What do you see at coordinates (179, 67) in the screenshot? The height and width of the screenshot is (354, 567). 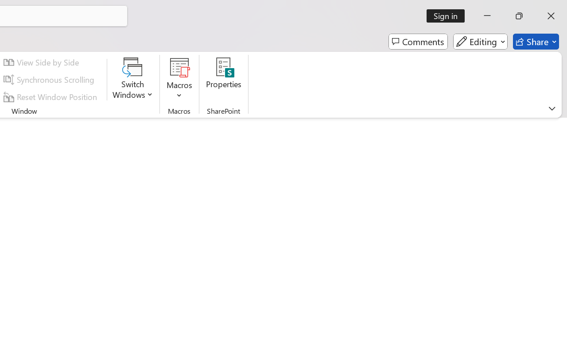 I see `'View Macros'` at bounding box center [179, 67].